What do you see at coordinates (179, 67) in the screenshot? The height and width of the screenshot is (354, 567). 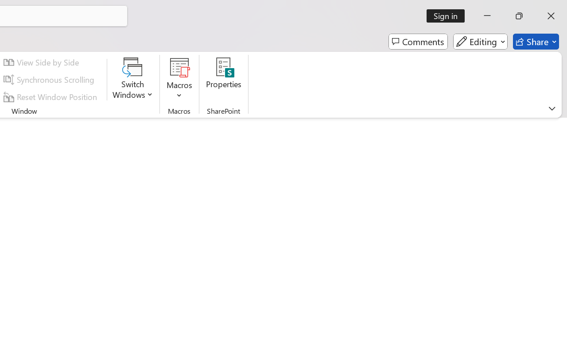 I see `'View Macros'` at bounding box center [179, 67].